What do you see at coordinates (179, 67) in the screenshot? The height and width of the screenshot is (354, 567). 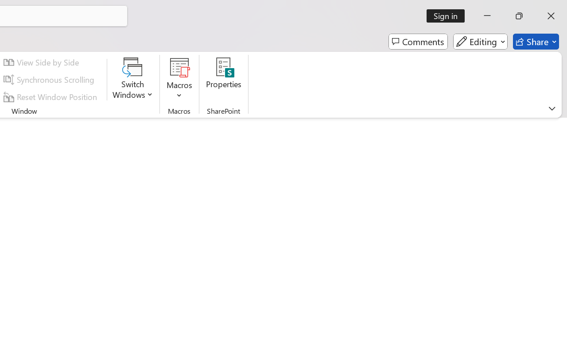 I see `'View Macros'` at bounding box center [179, 67].